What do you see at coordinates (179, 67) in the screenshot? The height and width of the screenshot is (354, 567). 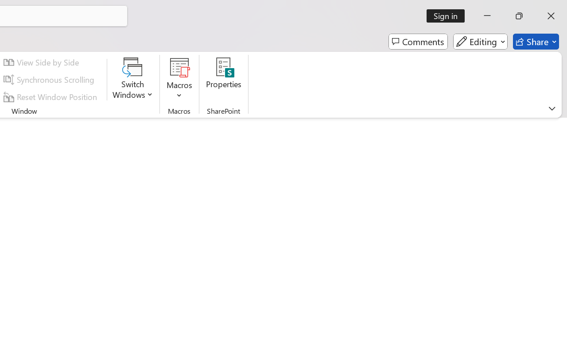 I see `'View Macros'` at bounding box center [179, 67].